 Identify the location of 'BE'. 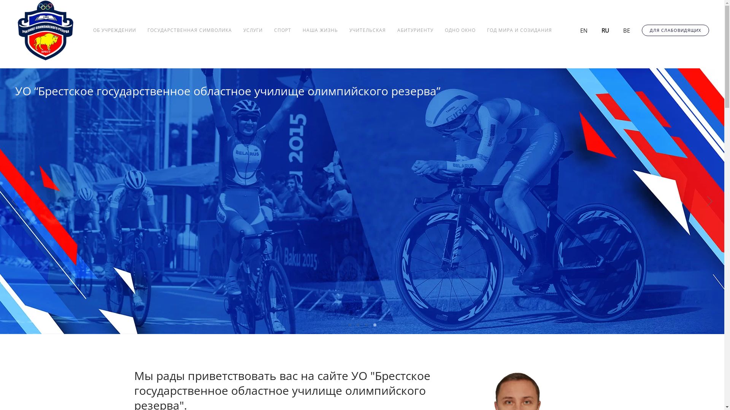
(622, 29).